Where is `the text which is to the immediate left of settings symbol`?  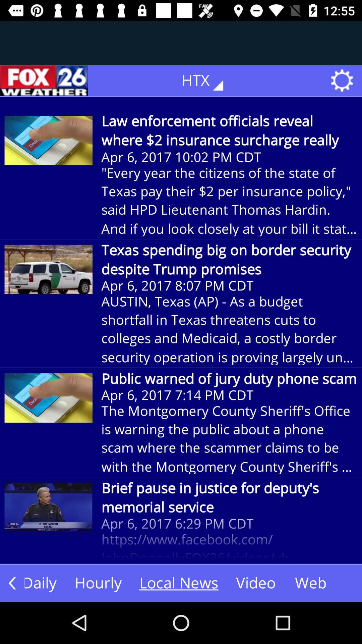 the text which is to the immediate left of settings symbol is located at coordinates (207, 80).